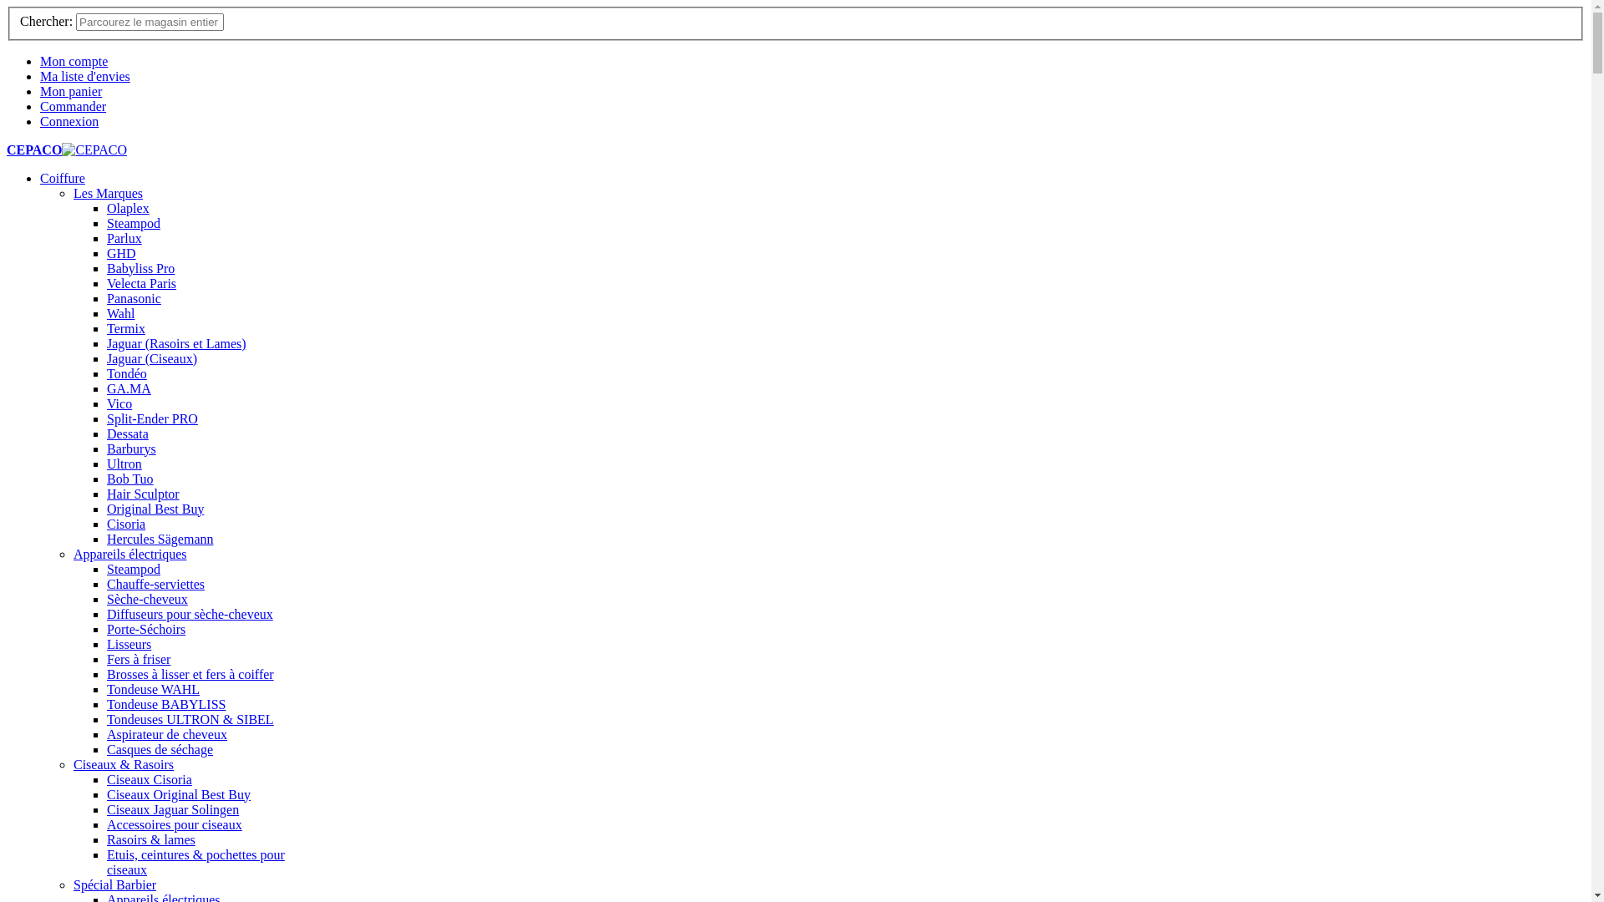  I want to click on 'Les Marques', so click(107, 192).